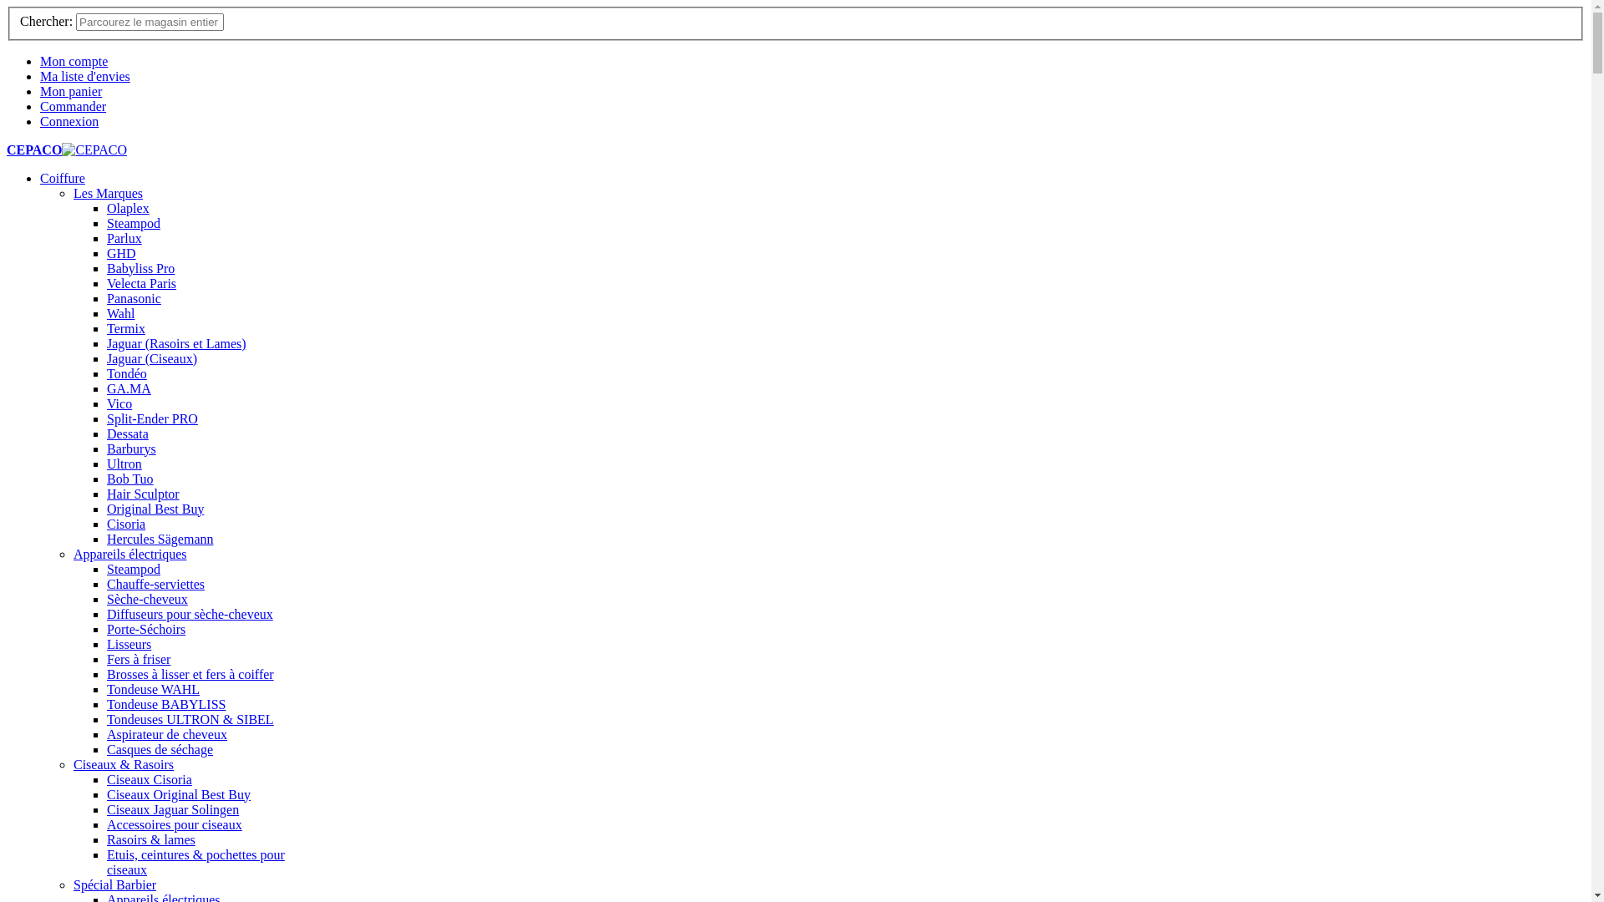  I want to click on 'Les Marques', so click(107, 192).